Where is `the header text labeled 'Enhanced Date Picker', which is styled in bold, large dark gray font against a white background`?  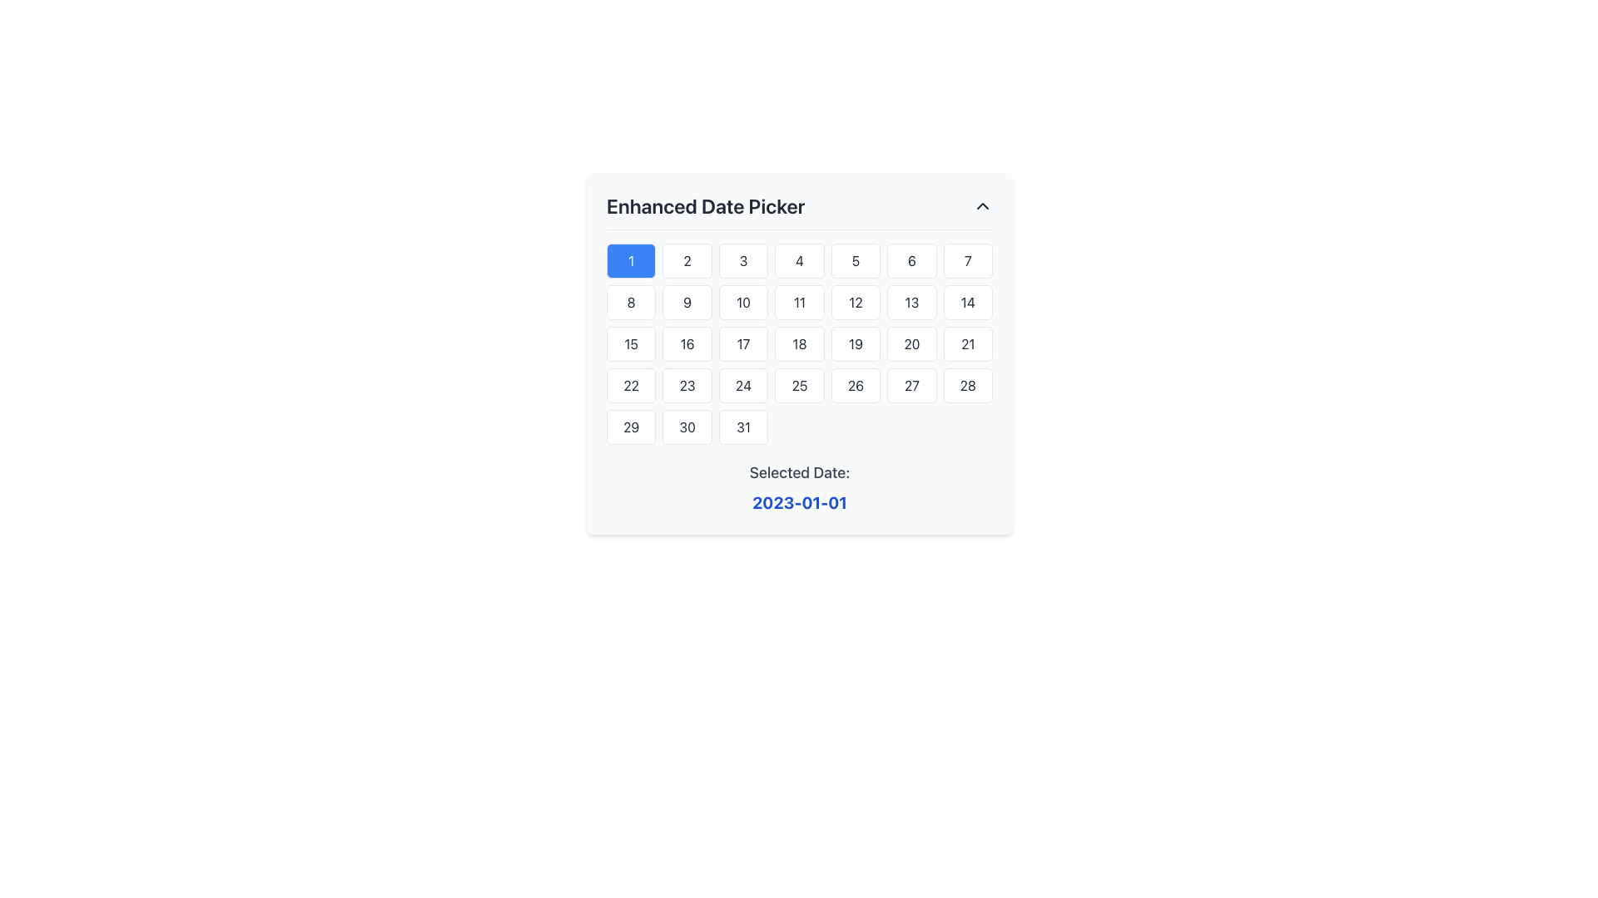 the header text labeled 'Enhanced Date Picker', which is styled in bold, large dark gray font against a white background is located at coordinates (706, 205).